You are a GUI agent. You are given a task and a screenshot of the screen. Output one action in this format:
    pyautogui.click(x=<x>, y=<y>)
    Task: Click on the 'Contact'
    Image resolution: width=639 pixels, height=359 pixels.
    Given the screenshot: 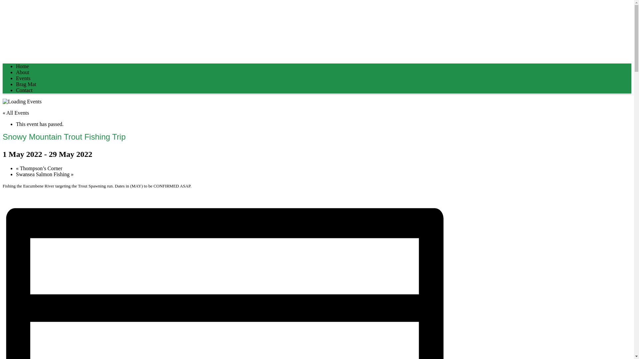 What is the action you would take?
    pyautogui.click(x=16, y=90)
    